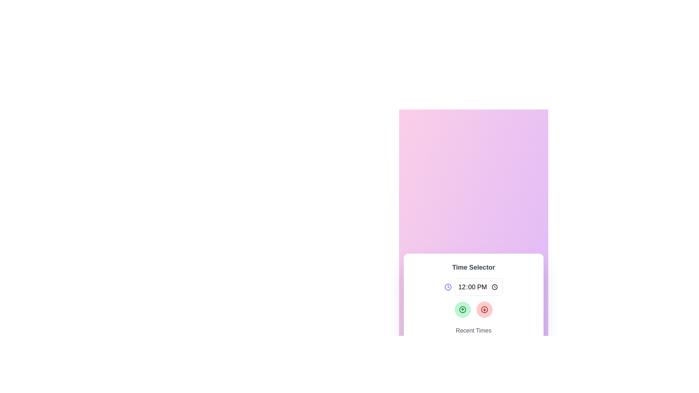 This screenshot has height=393, width=699. What do you see at coordinates (479, 287) in the screenshot?
I see `the Time input field located within the 'Time Selector' panel` at bounding box center [479, 287].